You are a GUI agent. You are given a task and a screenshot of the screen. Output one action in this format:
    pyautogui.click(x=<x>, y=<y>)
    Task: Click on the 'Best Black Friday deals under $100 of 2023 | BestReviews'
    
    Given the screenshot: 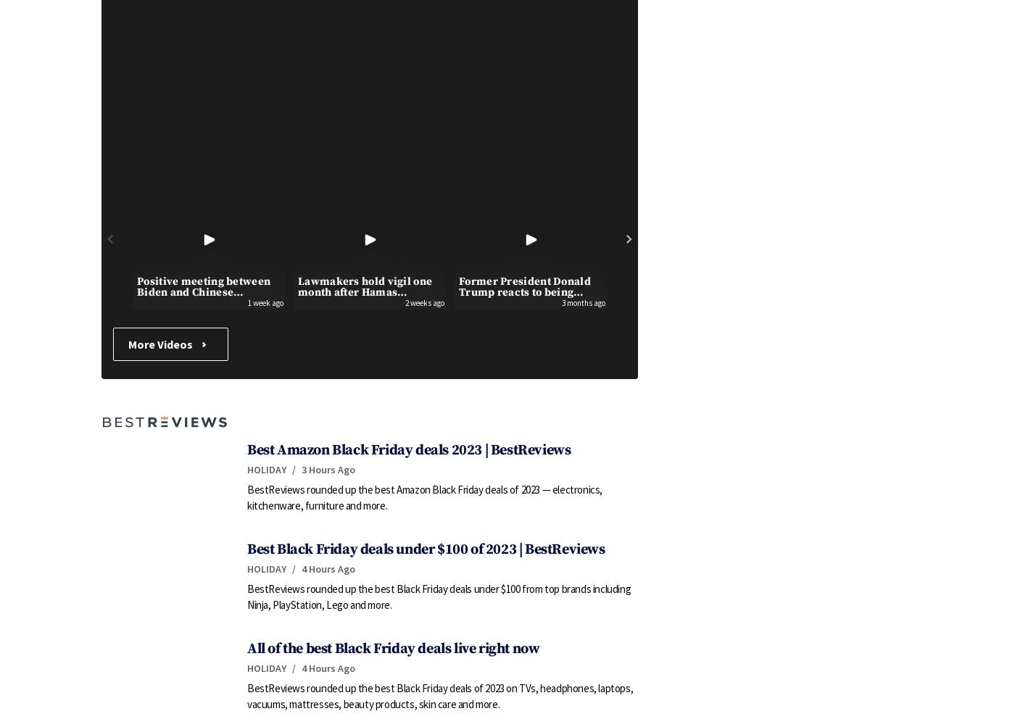 What is the action you would take?
    pyautogui.click(x=426, y=549)
    